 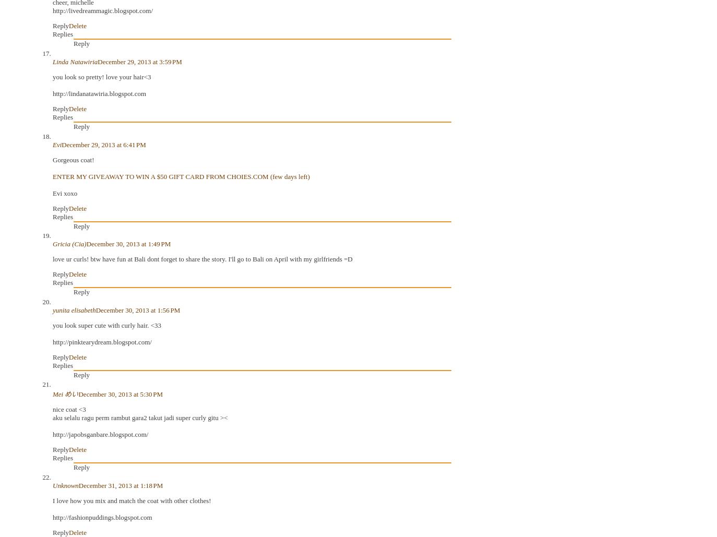 What do you see at coordinates (127, 244) in the screenshot?
I see `'December 30, 2013 at 1:49 PM'` at bounding box center [127, 244].